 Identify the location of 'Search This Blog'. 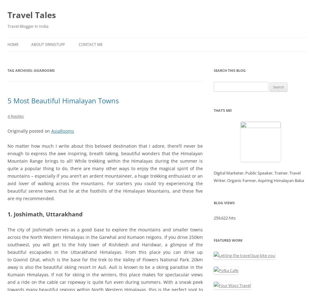
(214, 70).